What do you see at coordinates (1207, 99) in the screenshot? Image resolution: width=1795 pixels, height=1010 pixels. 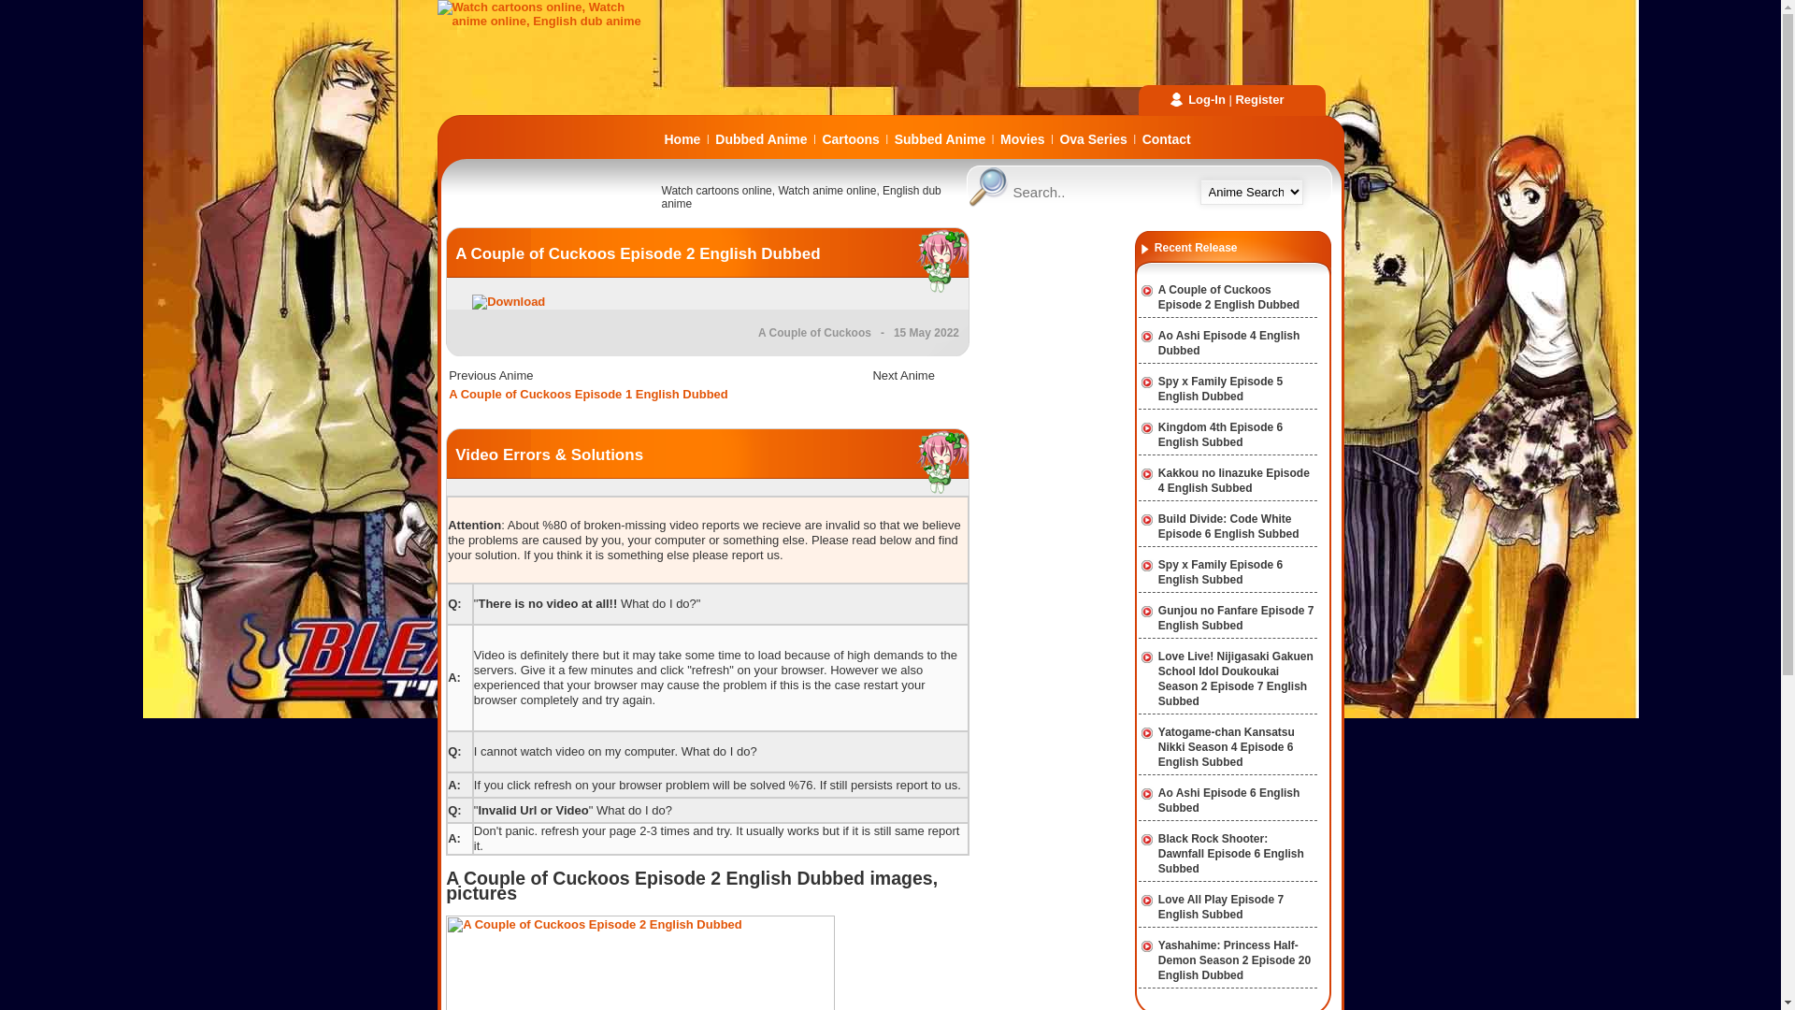 I see `'Log-In'` at bounding box center [1207, 99].